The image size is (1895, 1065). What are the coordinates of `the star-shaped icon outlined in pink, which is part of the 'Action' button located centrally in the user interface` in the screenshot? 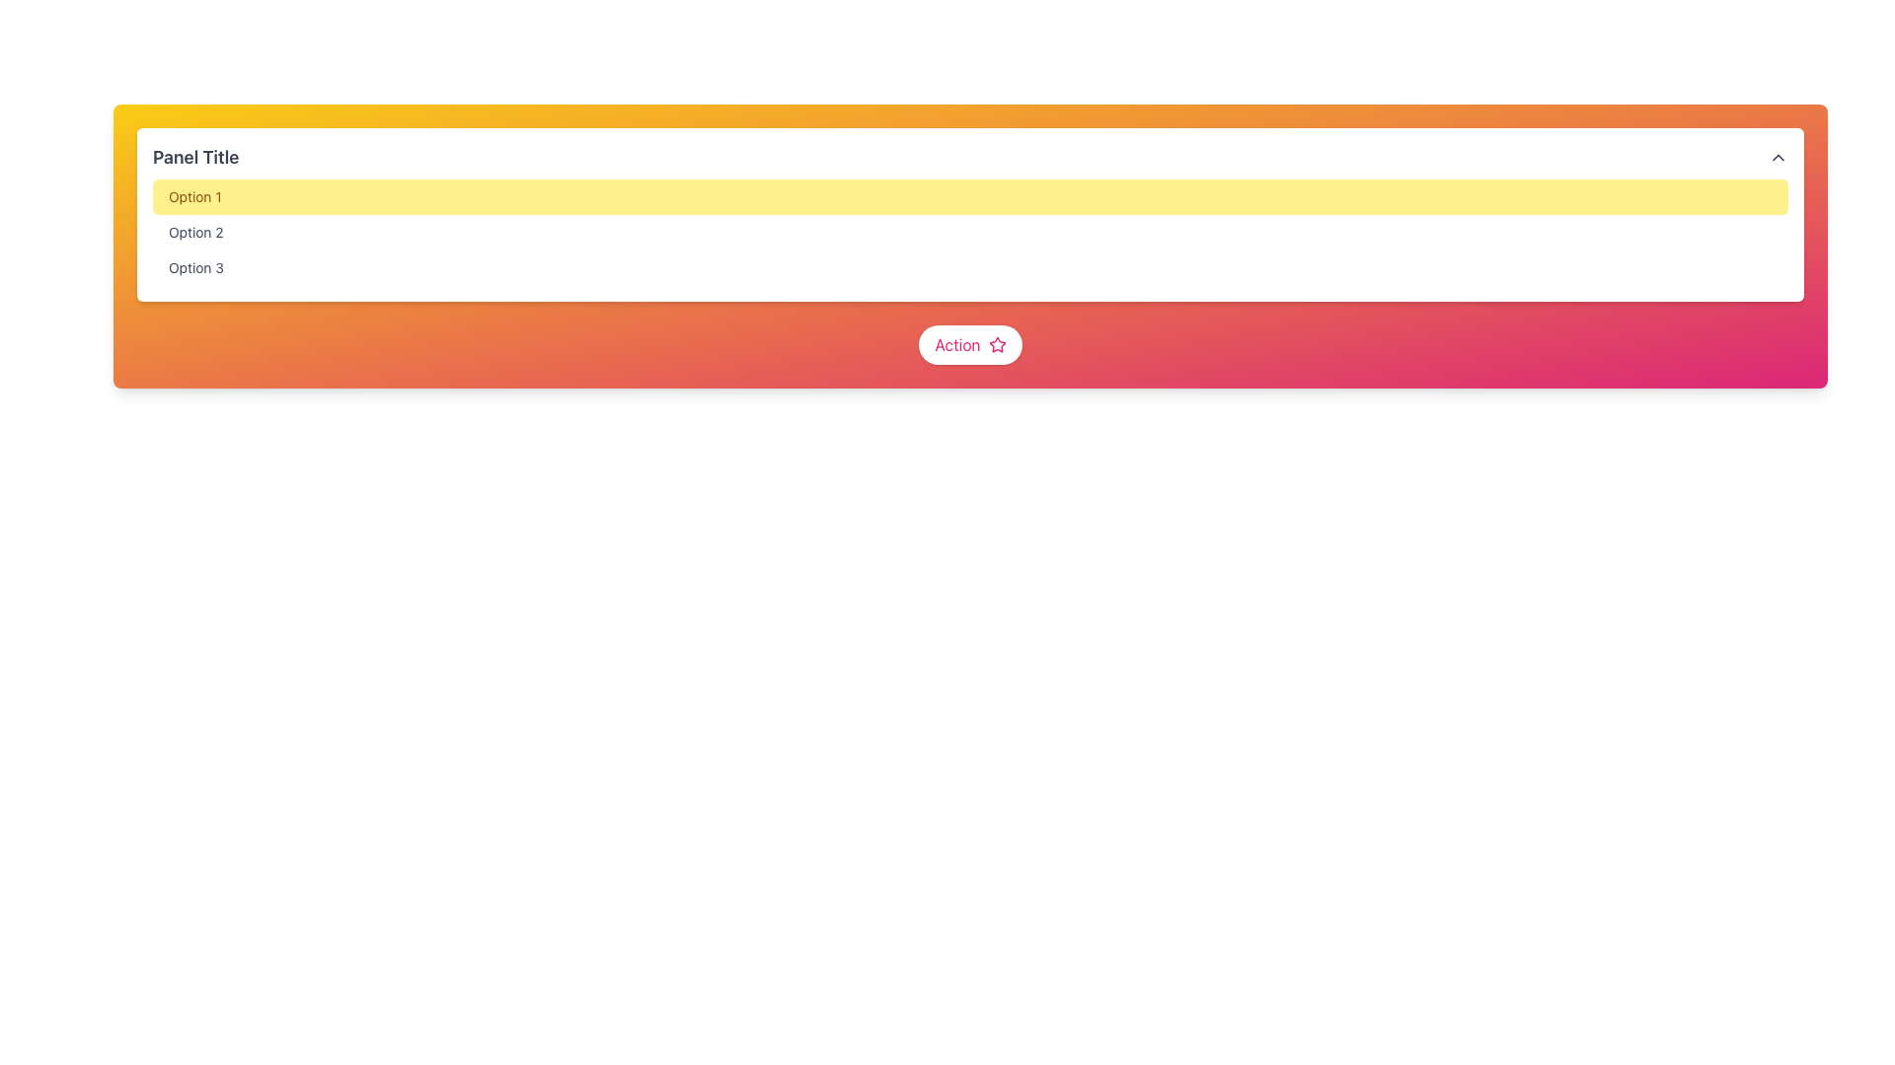 It's located at (997, 344).